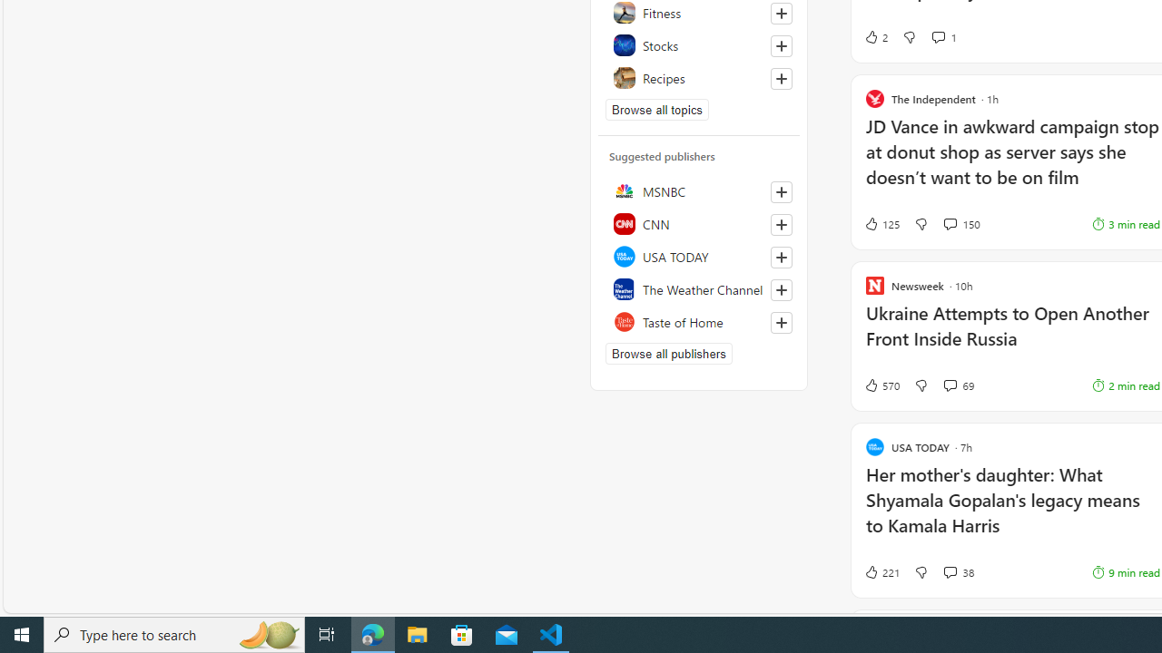 This screenshot has height=653, width=1162. Describe the element at coordinates (958, 385) in the screenshot. I see `'View comments 69 Comment'` at that location.